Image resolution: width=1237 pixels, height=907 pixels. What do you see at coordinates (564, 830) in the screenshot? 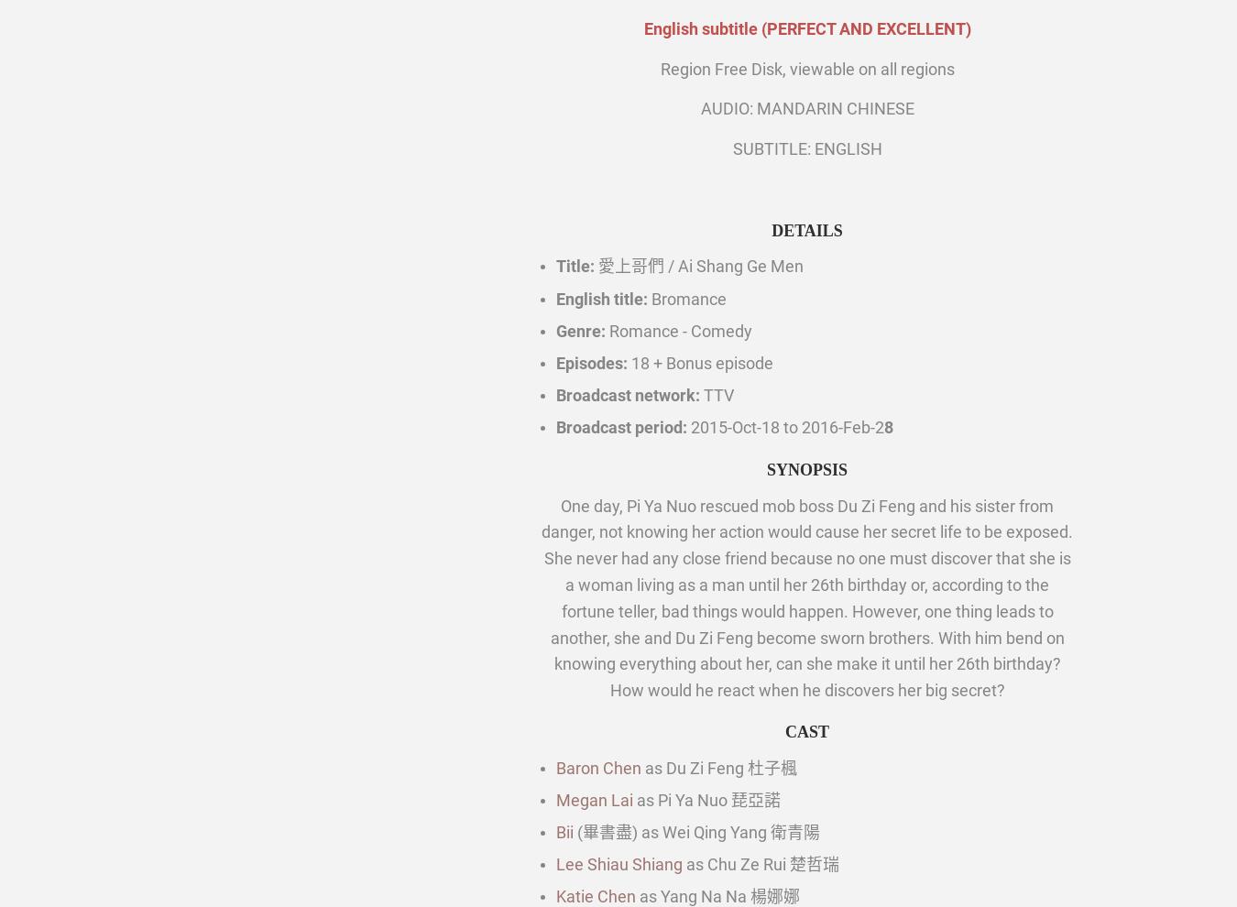
I see `'Bii'` at bounding box center [564, 830].